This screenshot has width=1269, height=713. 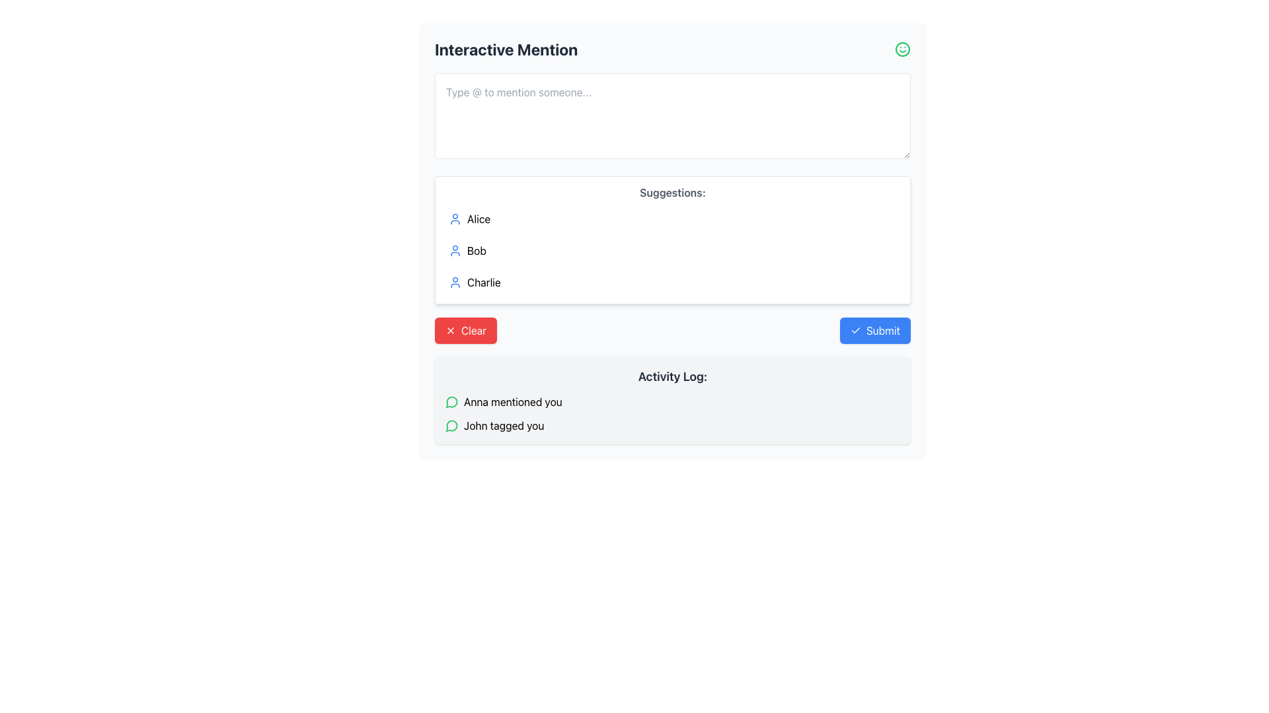 What do you see at coordinates (503, 425) in the screenshot?
I see `the second list item in the 'Activity Log' section that displays the notification 'John tagged you'` at bounding box center [503, 425].